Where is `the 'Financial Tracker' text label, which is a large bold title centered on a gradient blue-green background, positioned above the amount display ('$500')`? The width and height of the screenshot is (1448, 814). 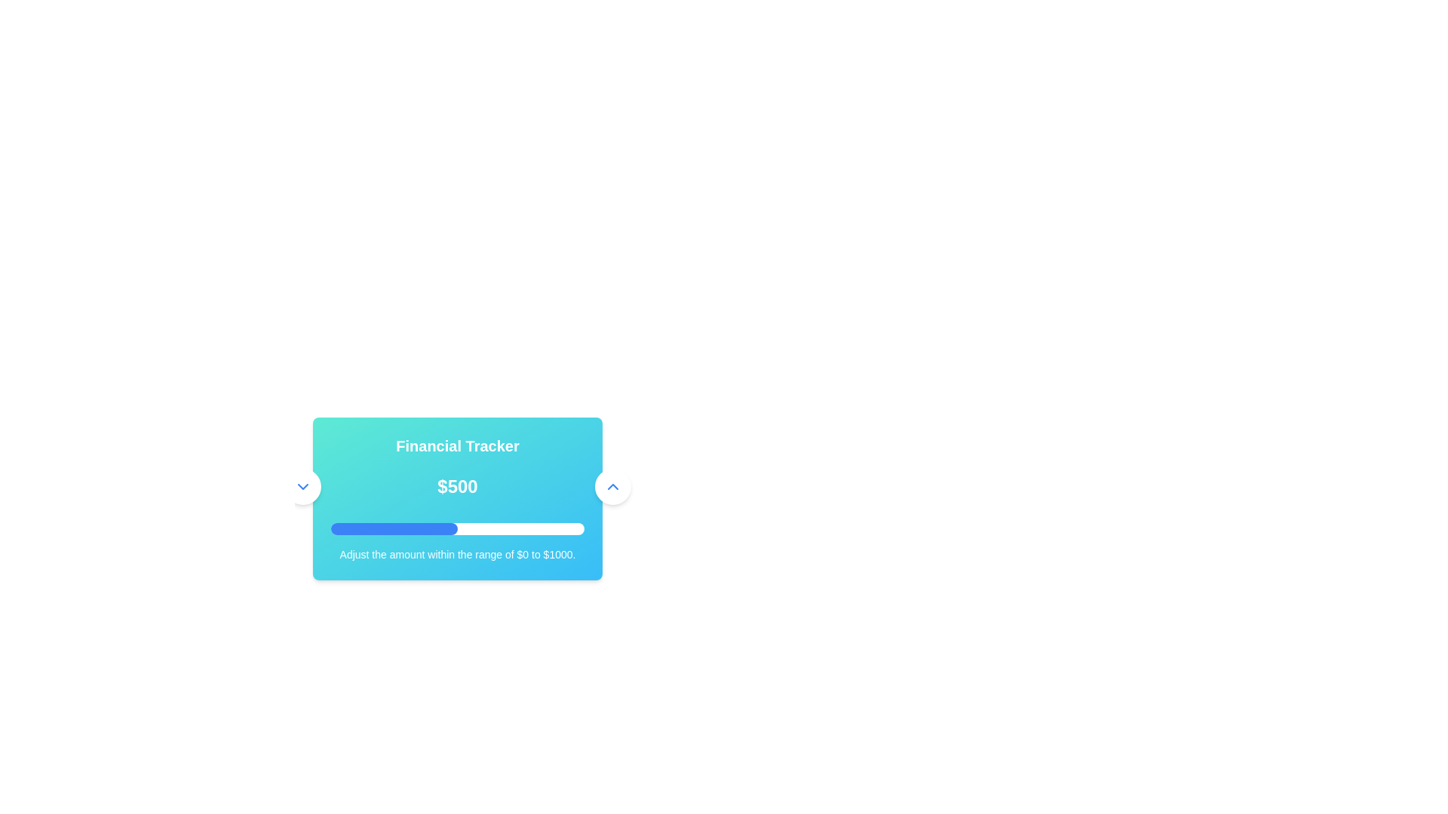
the 'Financial Tracker' text label, which is a large bold title centered on a gradient blue-green background, positioned above the amount display ('$500') is located at coordinates (456, 445).